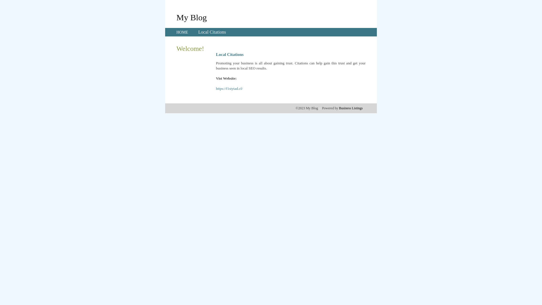 Image resolution: width=542 pixels, height=305 pixels. I want to click on 'https://f1stytad.cf/', so click(215, 88).